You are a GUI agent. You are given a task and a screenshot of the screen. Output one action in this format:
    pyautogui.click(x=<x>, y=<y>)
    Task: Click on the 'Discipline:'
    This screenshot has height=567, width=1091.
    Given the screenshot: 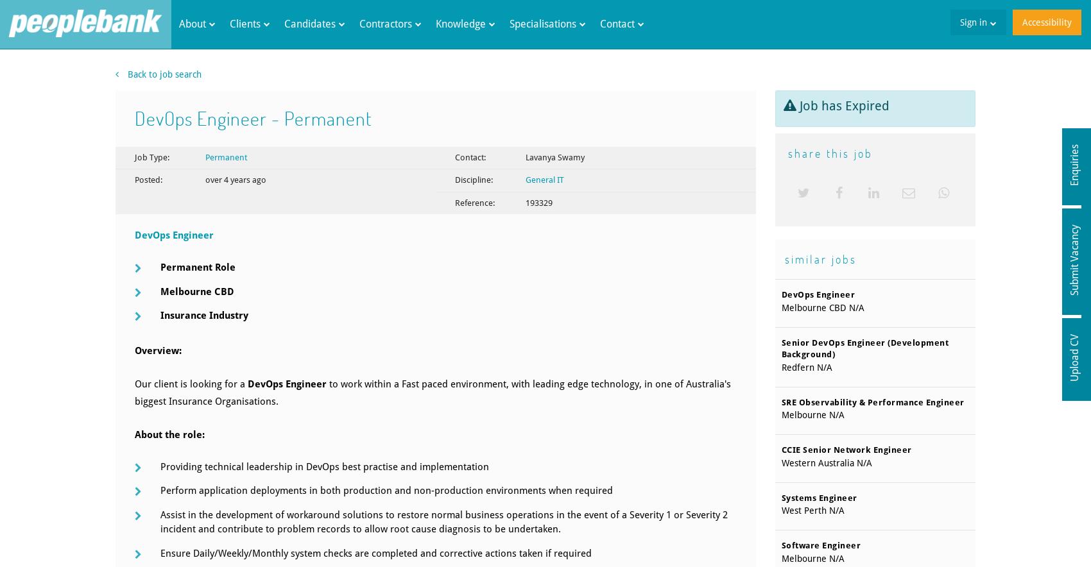 What is the action you would take?
    pyautogui.click(x=473, y=179)
    